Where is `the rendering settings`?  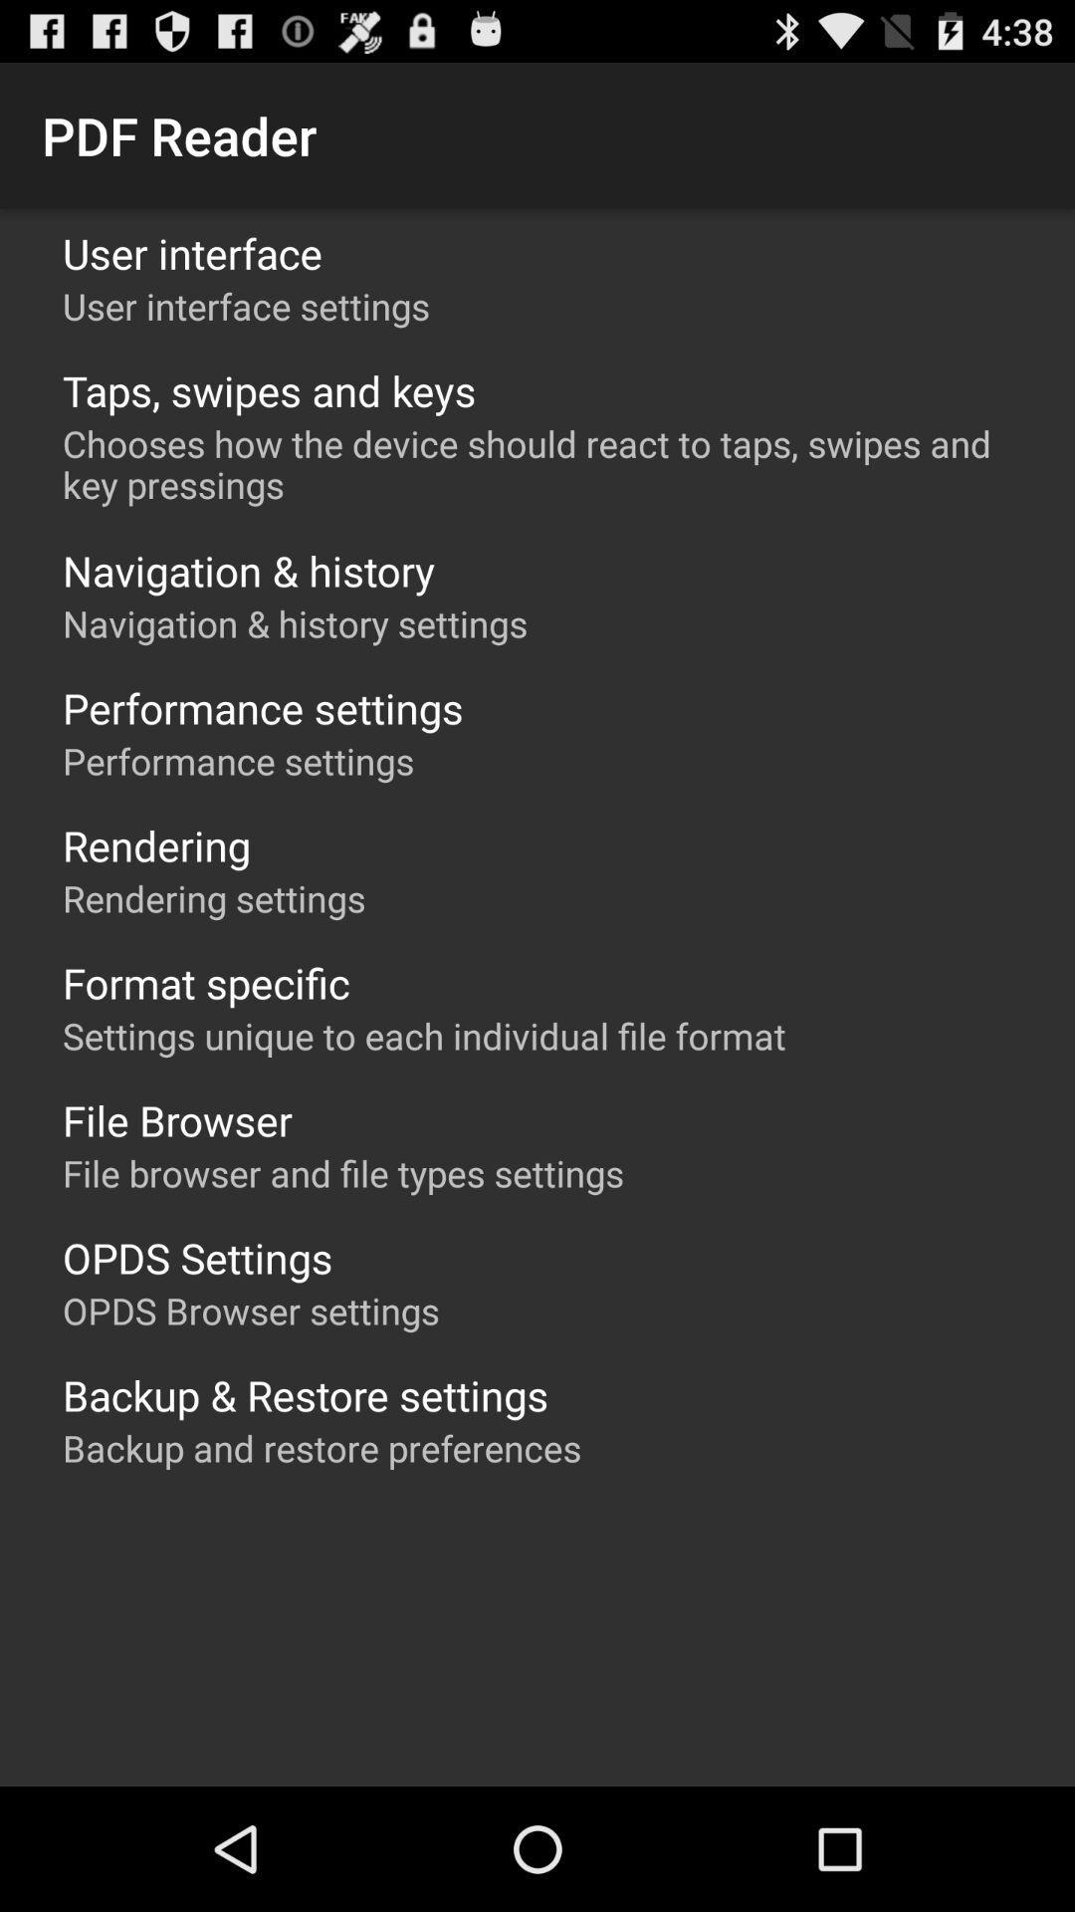 the rendering settings is located at coordinates (214, 897).